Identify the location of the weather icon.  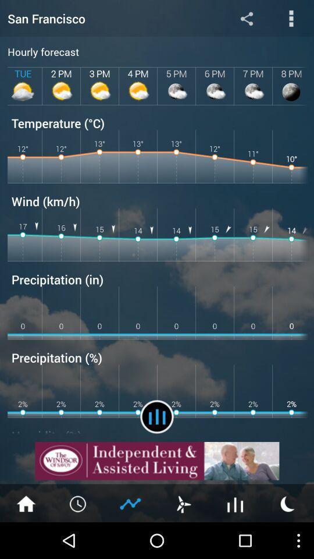
(287, 539).